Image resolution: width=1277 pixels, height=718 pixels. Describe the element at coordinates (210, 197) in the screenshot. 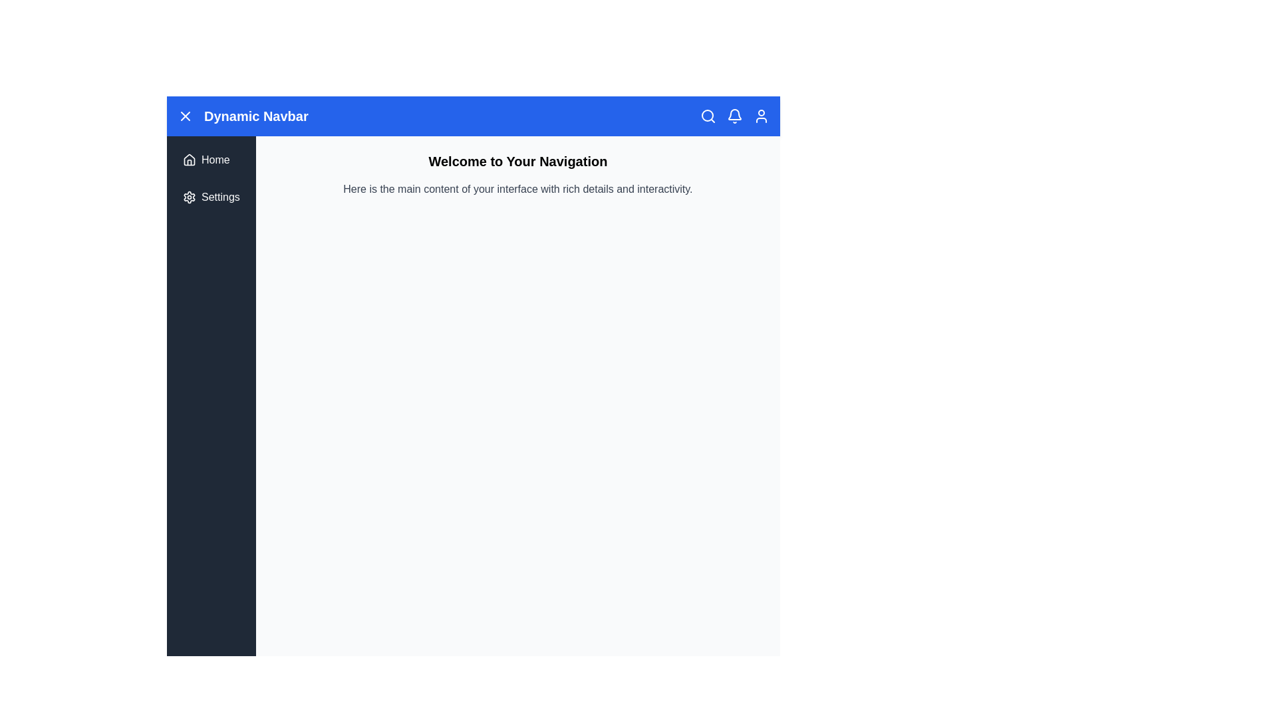

I see `on the navigation link for 'Settings' located in the vertical navigation bar, which is the second item below 'Home'` at that location.